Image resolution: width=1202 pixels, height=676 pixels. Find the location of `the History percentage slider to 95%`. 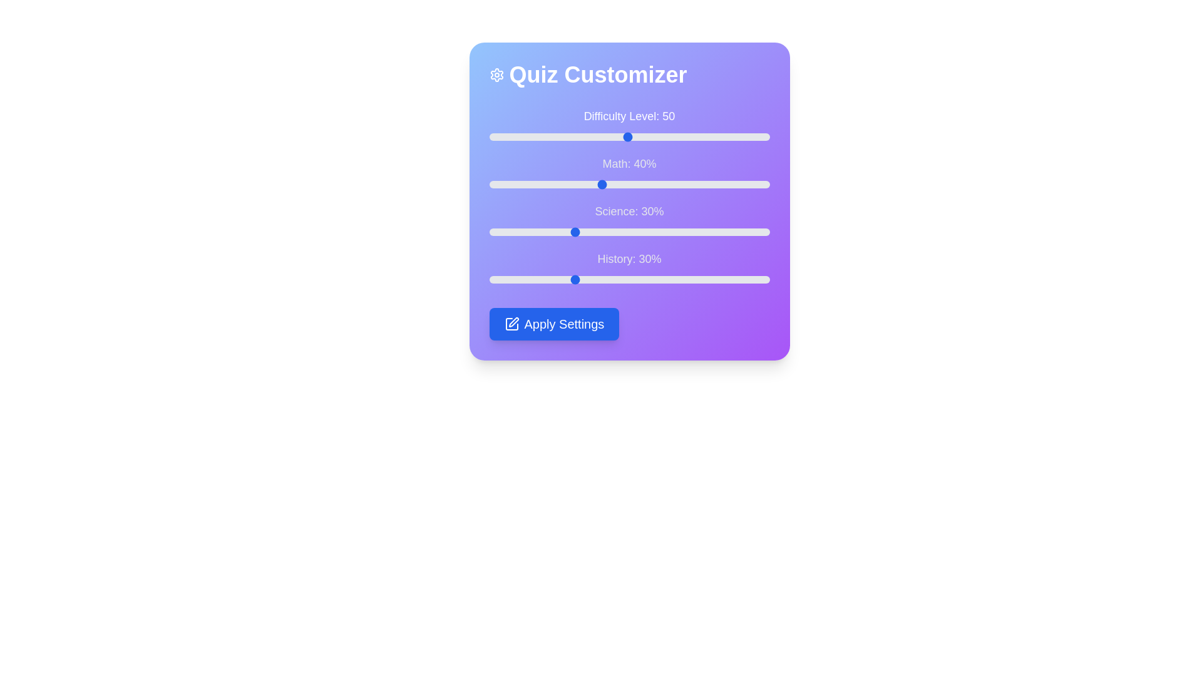

the History percentage slider to 95% is located at coordinates (755, 279).